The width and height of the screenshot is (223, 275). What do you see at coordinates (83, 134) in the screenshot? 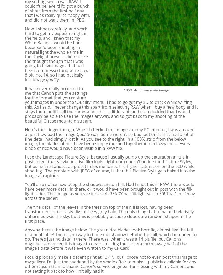
I see `'Quality'` at bounding box center [83, 134].